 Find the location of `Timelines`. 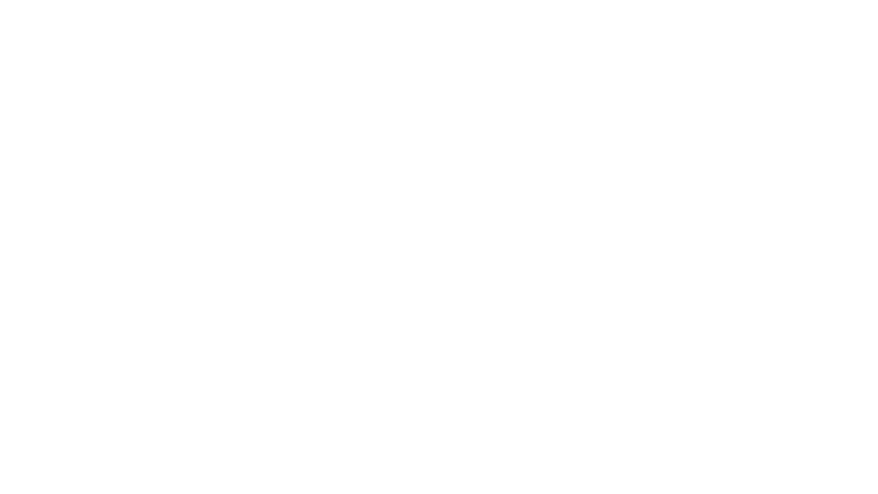

Timelines is located at coordinates (298, 173).